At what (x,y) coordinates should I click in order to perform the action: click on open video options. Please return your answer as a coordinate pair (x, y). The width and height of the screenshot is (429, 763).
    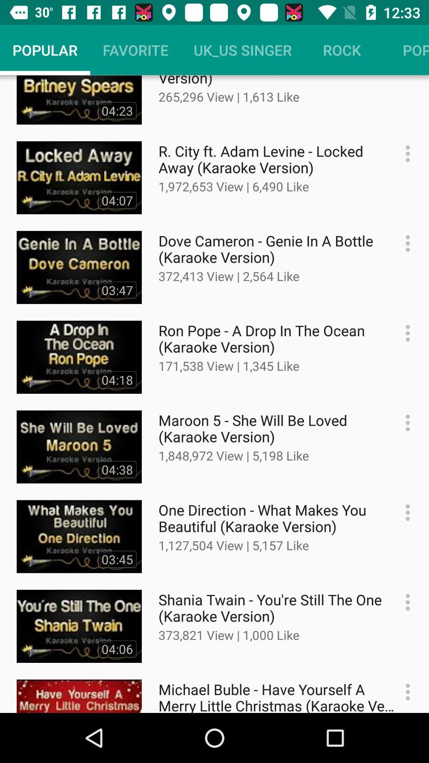
    Looking at the image, I should click on (404, 691).